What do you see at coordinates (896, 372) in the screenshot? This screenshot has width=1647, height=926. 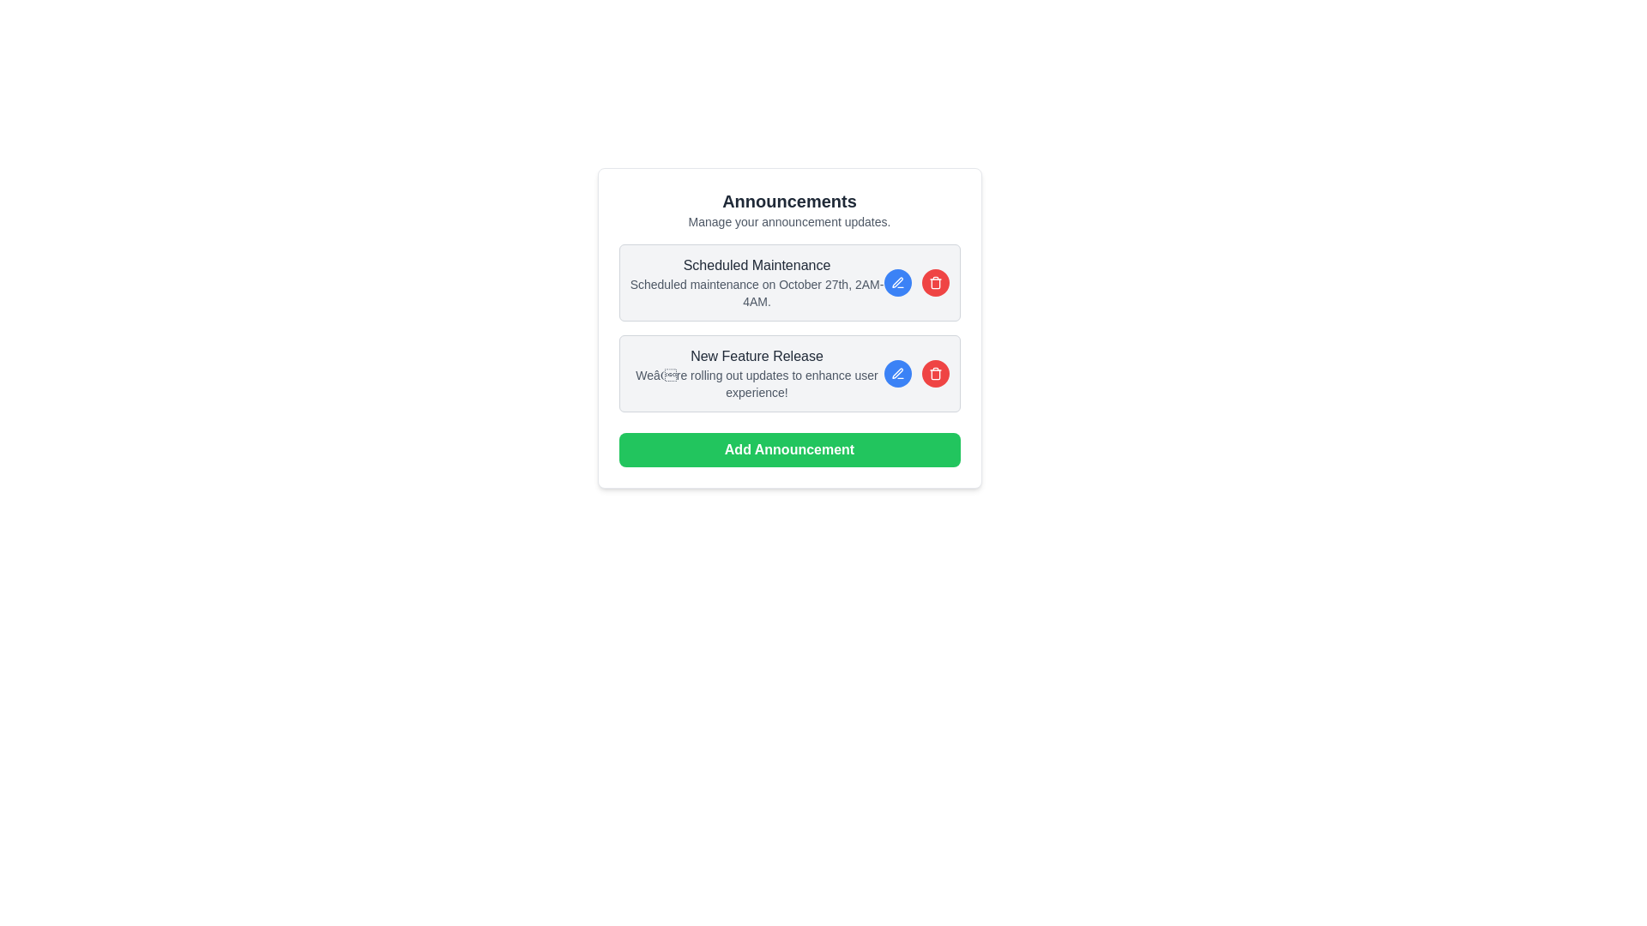 I see `the circular blue button with a white pen icon located to the right of the 'New Feature Release' text in the second row of the announcement list` at bounding box center [896, 372].